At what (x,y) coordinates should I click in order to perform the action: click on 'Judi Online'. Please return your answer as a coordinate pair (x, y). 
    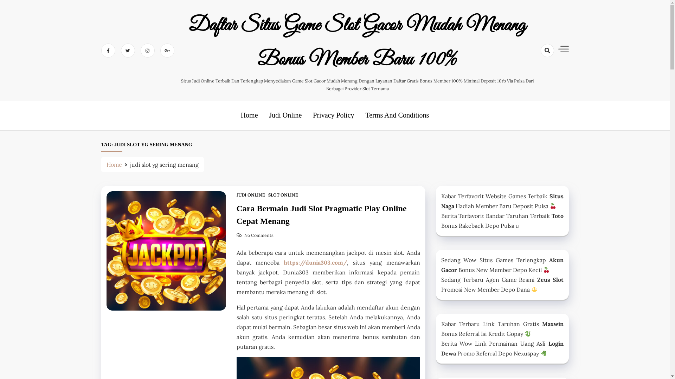
    Looking at the image, I should click on (285, 115).